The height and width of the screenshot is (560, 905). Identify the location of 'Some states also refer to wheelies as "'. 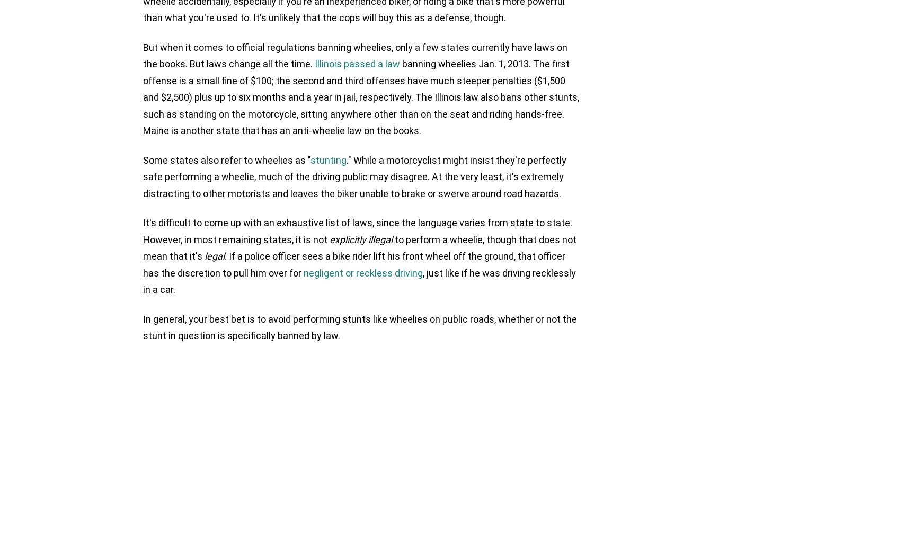
(143, 159).